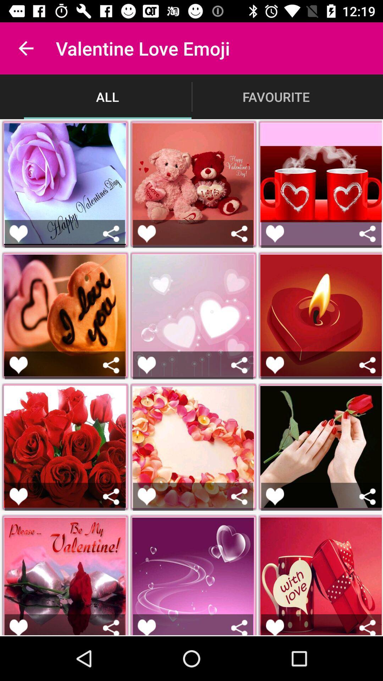 The width and height of the screenshot is (383, 681). What do you see at coordinates (18, 496) in the screenshot?
I see `like picture` at bounding box center [18, 496].